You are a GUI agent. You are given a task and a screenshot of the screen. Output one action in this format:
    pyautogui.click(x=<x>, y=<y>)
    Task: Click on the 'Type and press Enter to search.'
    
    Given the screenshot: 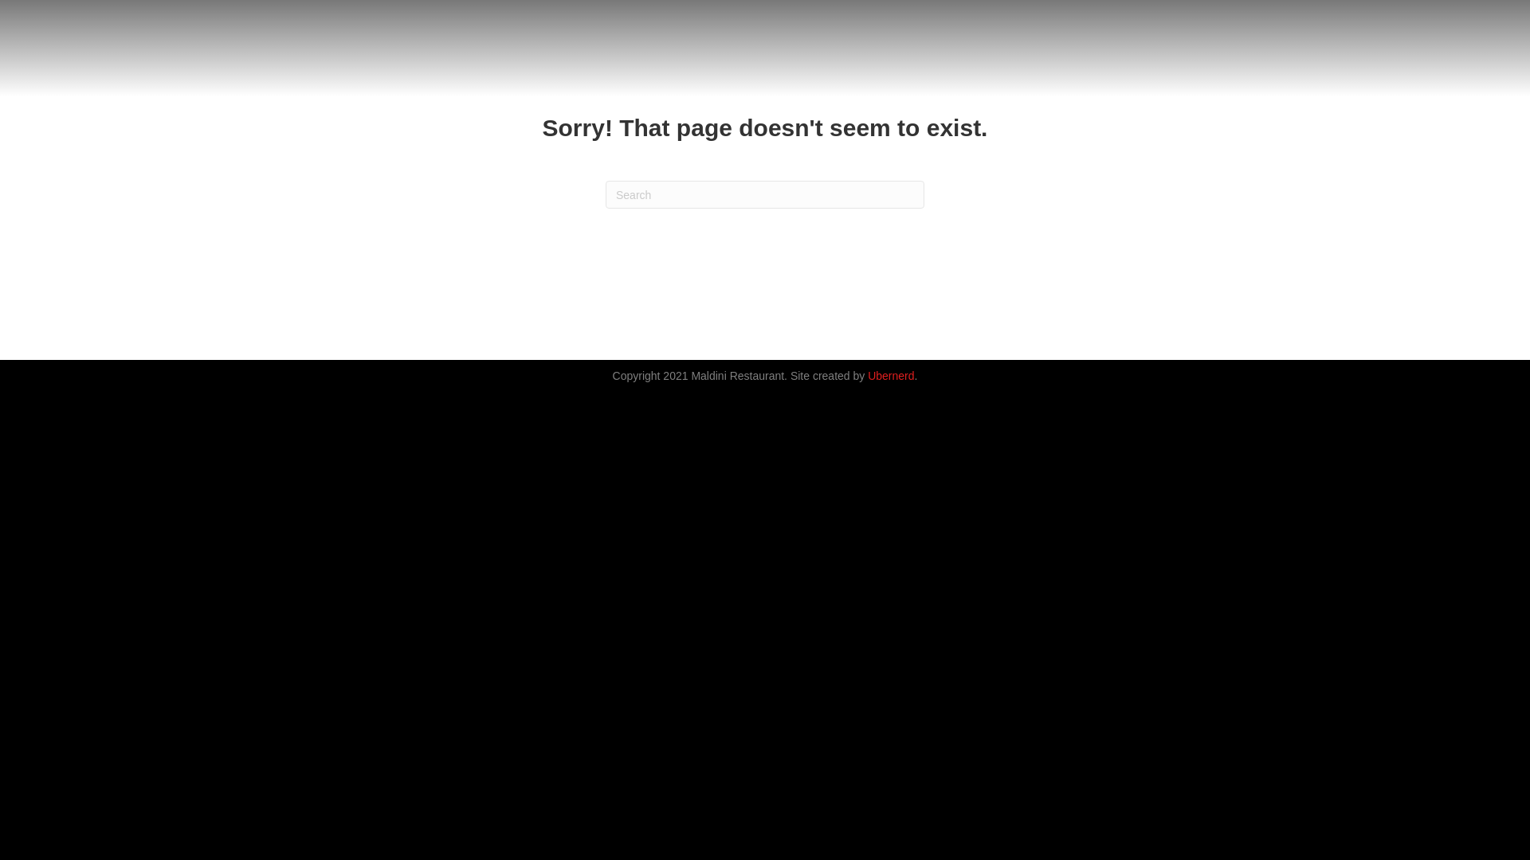 What is the action you would take?
    pyautogui.click(x=765, y=193)
    